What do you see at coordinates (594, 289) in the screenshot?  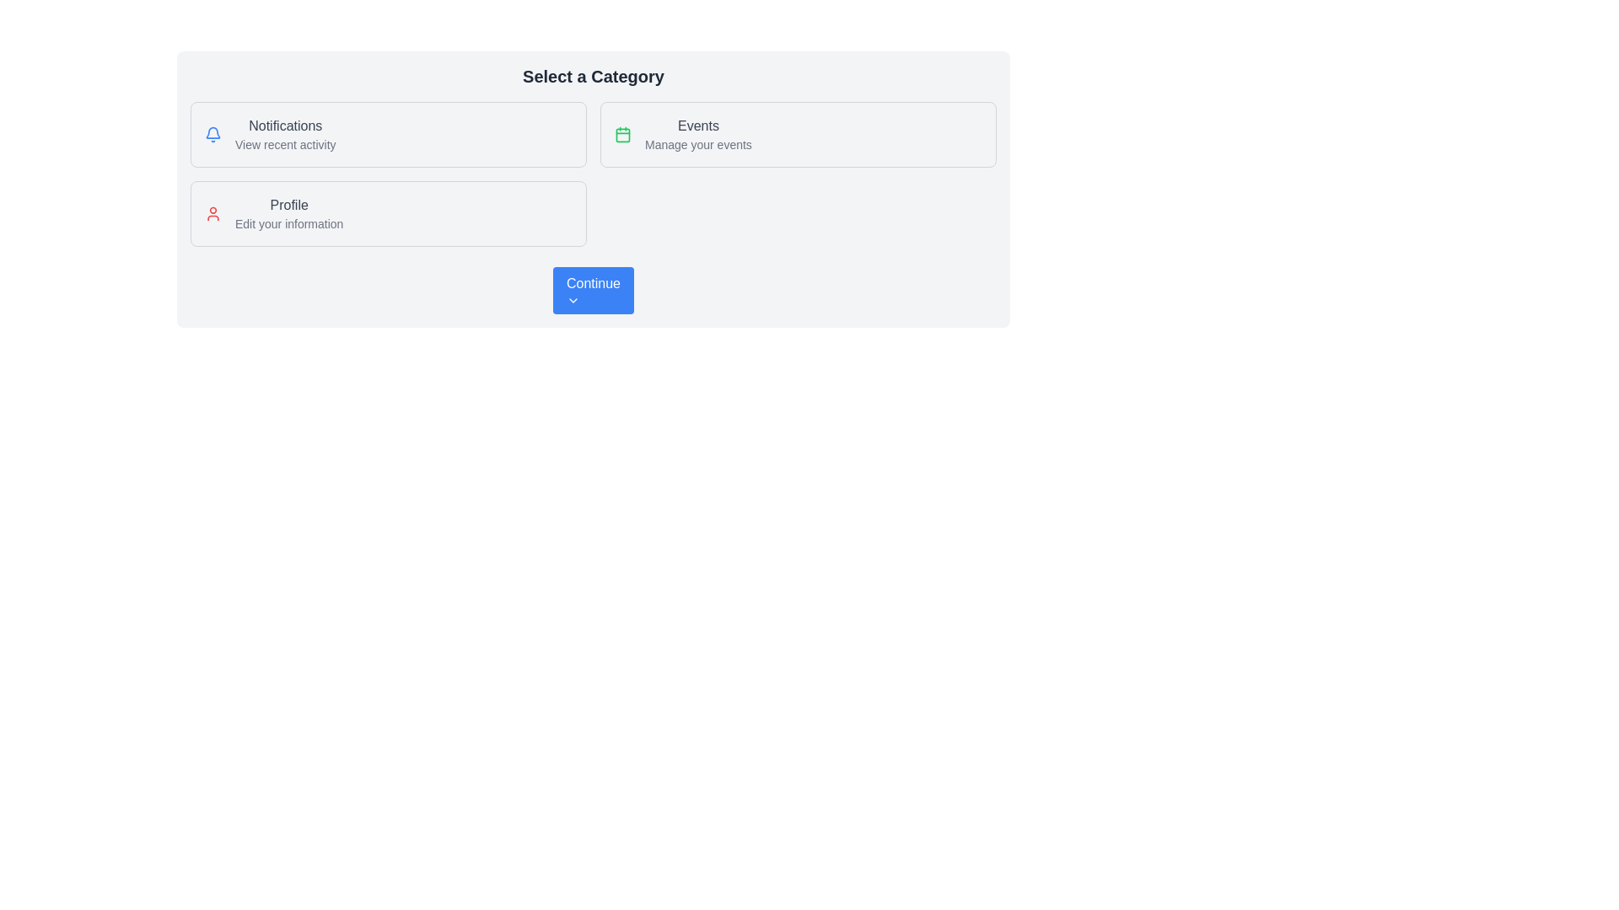 I see `the 'Continue' button with a dropdown indicator, which is a rectangular blue button with rounded corners located at the bottom center of the 'Select a Category' section` at bounding box center [594, 289].